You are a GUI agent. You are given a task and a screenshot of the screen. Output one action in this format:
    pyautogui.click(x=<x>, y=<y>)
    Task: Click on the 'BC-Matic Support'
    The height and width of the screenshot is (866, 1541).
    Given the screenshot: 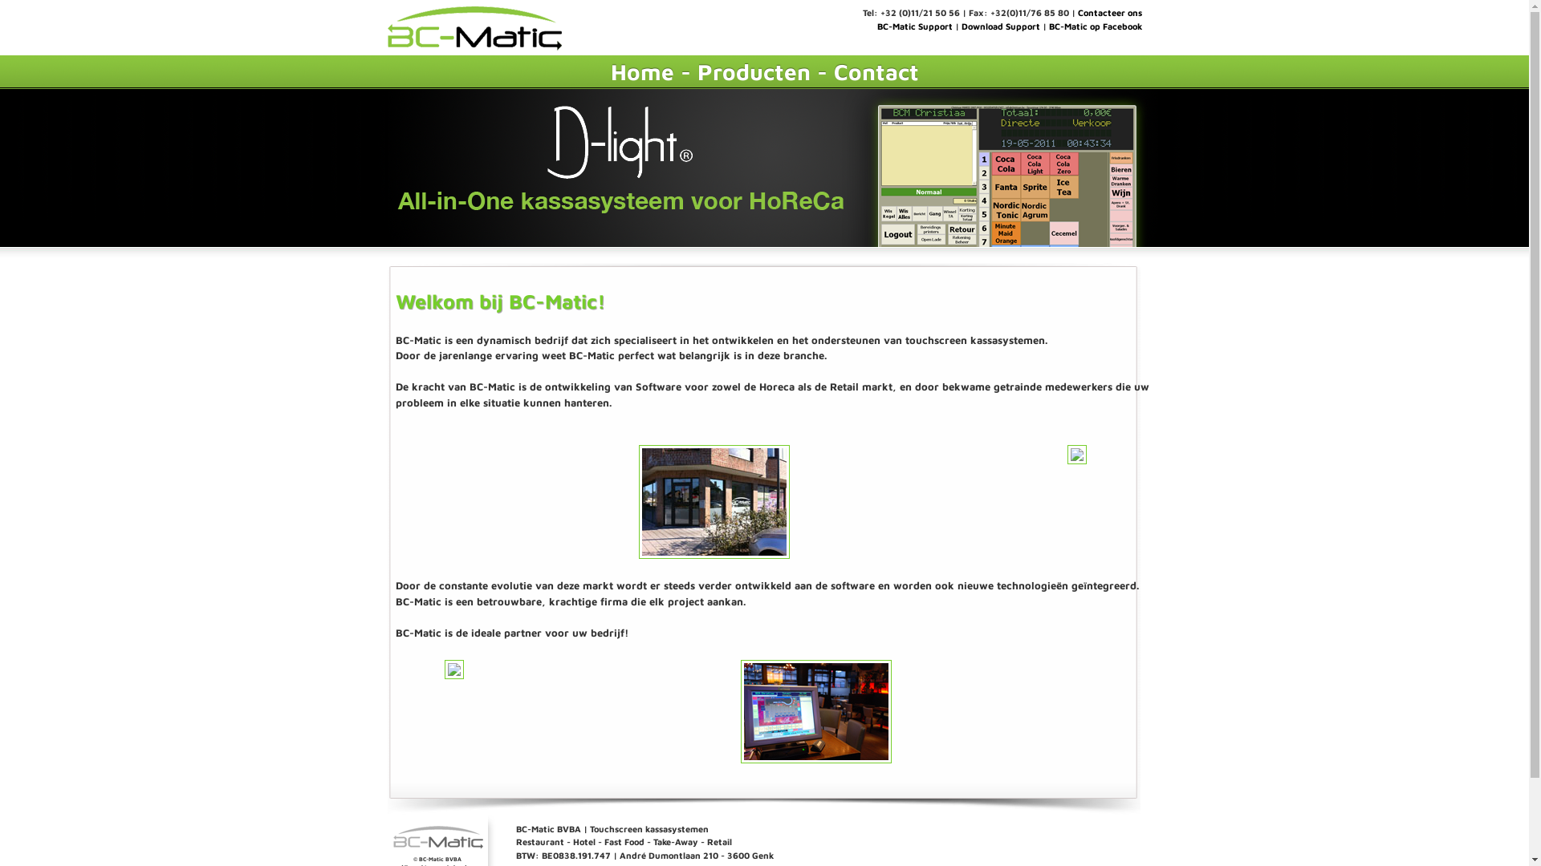 What is the action you would take?
    pyautogui.click(x=875, y=26)
    